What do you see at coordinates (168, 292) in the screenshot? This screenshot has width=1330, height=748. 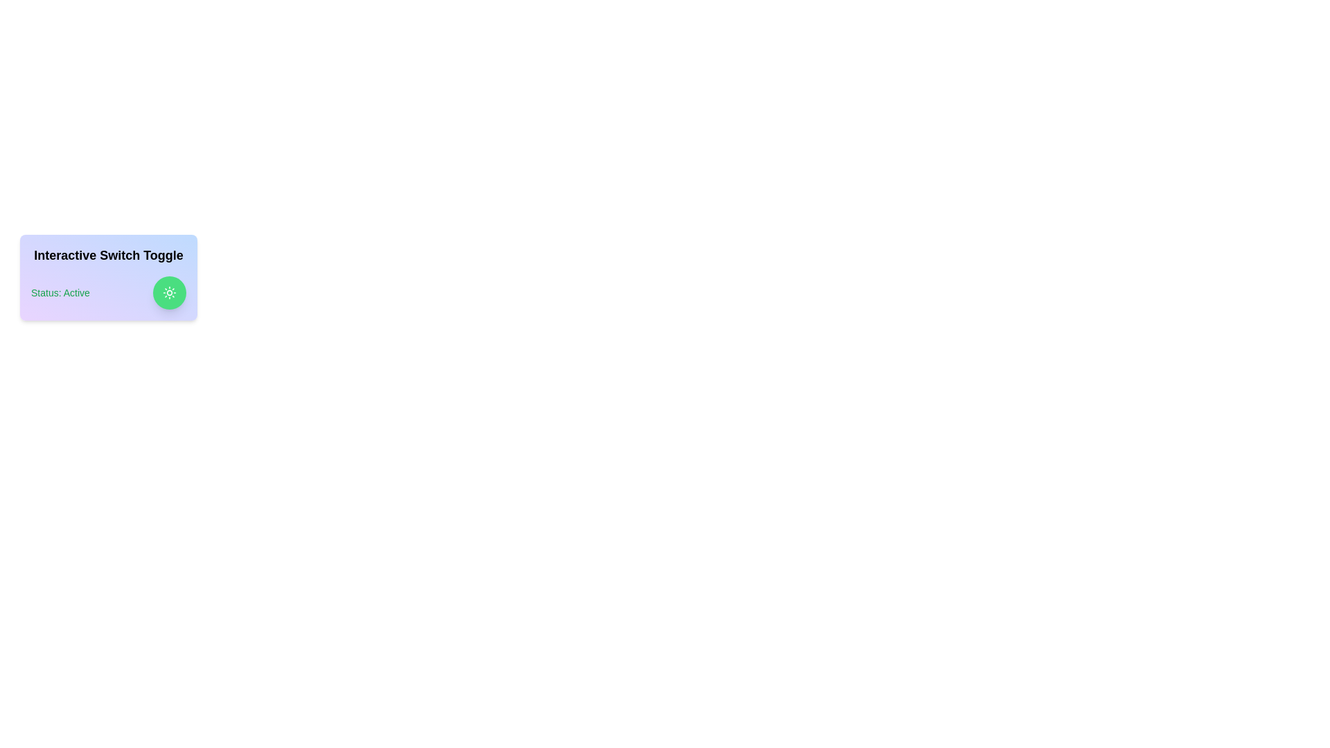 I see `the toggle button to change its status` at bounding box center [168, 292].